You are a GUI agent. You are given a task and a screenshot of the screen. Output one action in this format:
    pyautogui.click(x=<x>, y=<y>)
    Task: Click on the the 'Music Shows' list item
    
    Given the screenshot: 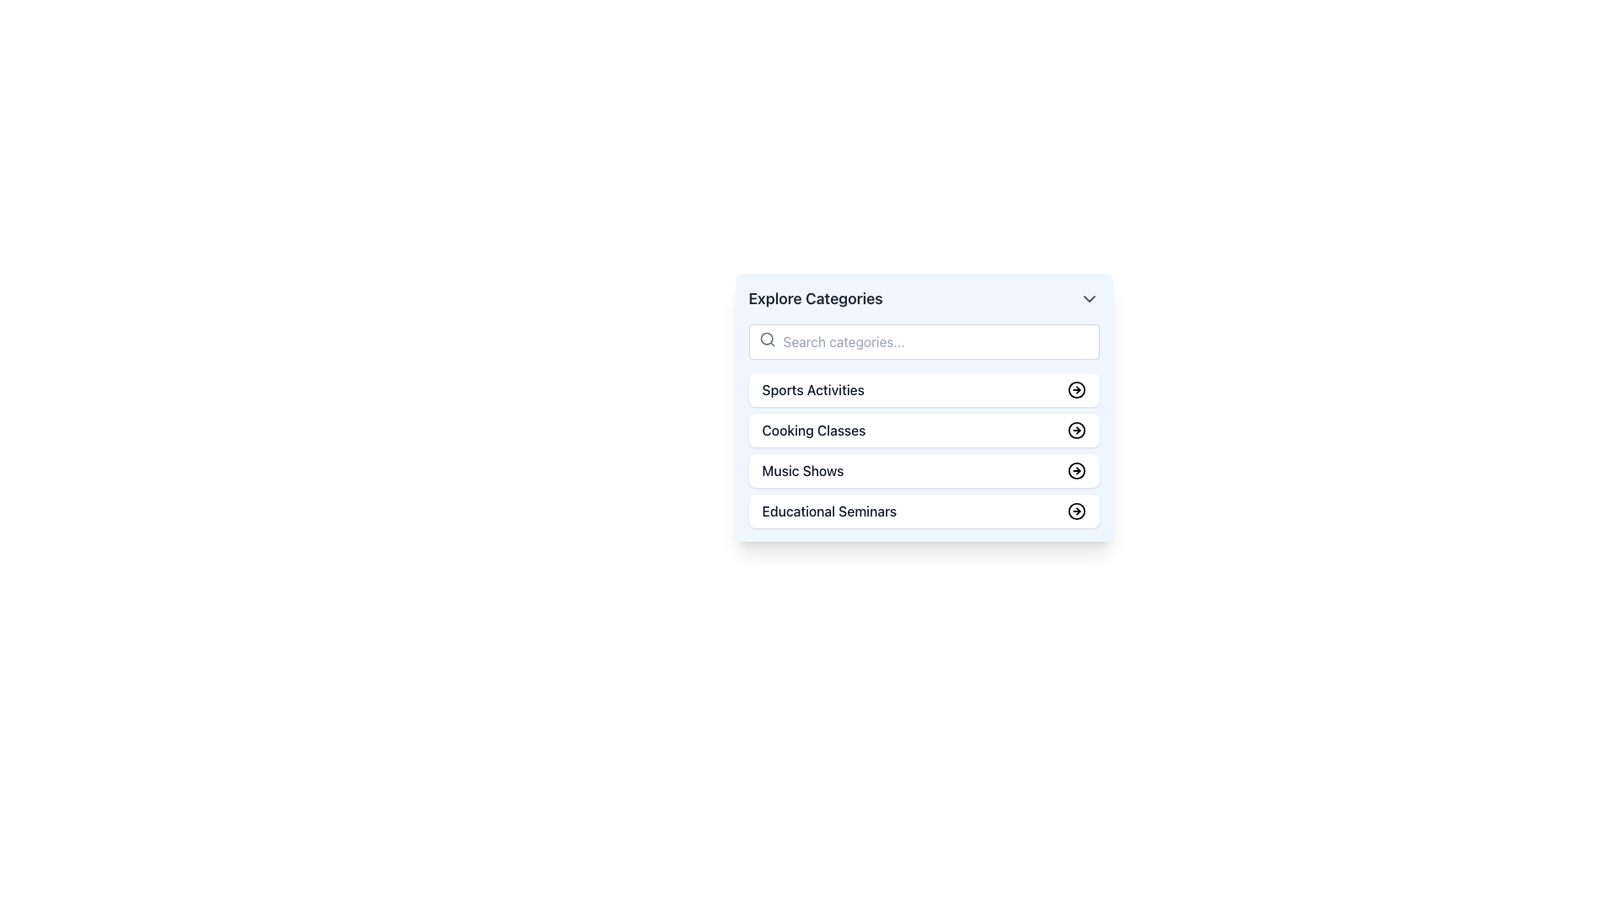 What is the action you would take?
    pyautogui.click(x=923, y=471)
    